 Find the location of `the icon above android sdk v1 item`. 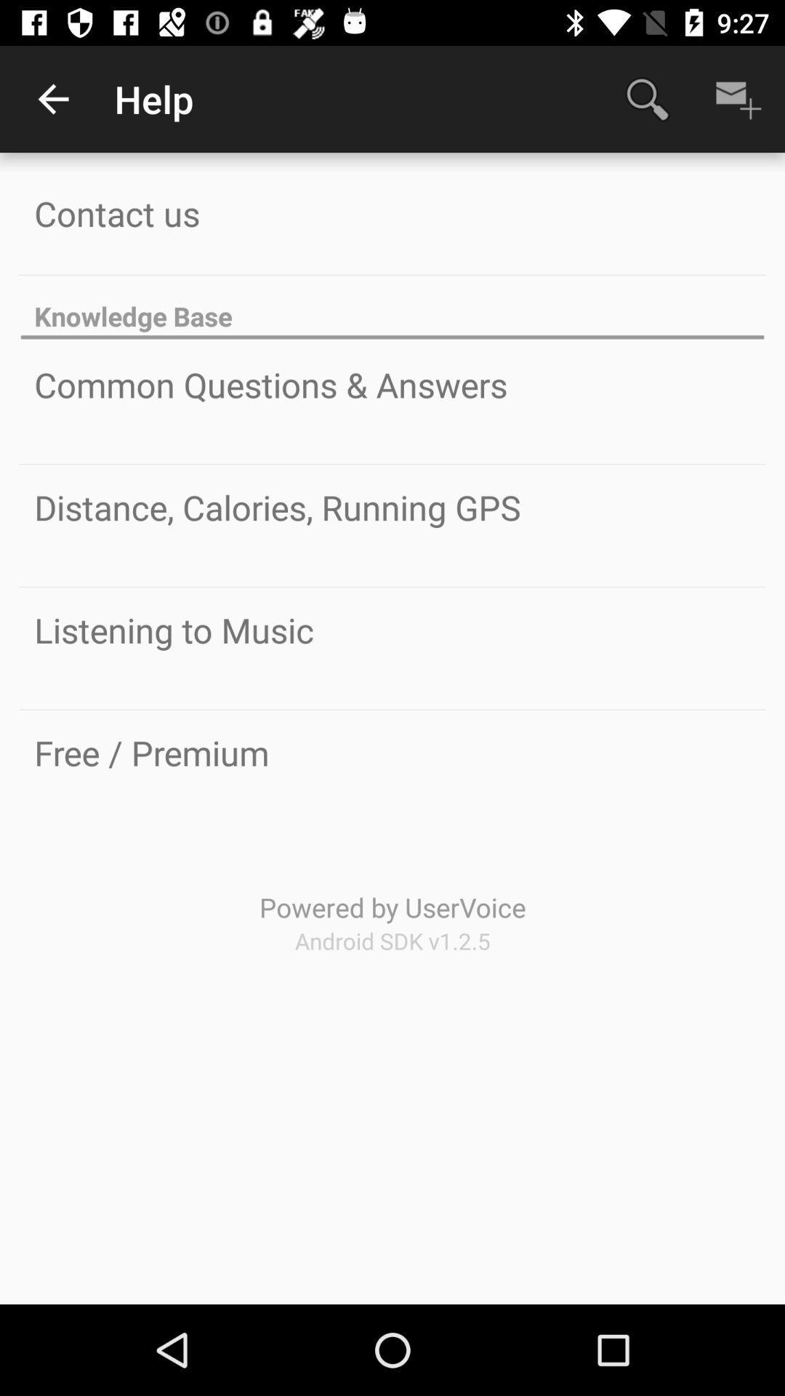

the icon above android sdk v1 item is located at coordinates (392, 907).